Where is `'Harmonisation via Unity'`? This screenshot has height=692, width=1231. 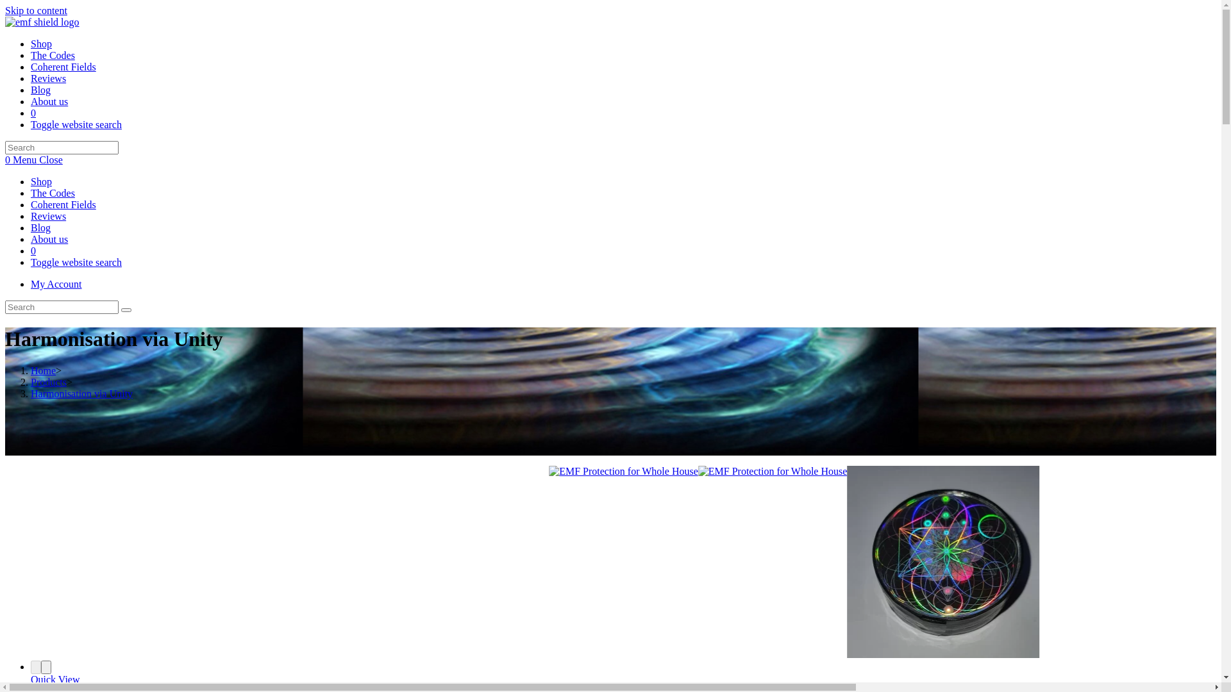 'Harmonisation via Unity' is located at coordinates (31, 393).